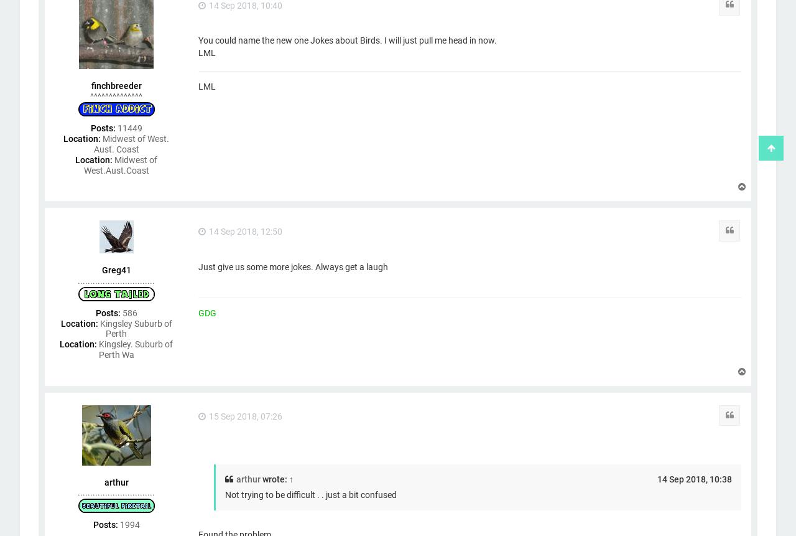 This screenshot has width=796, height=536. I want to click on 'finchbreeder', so click(90, 85).